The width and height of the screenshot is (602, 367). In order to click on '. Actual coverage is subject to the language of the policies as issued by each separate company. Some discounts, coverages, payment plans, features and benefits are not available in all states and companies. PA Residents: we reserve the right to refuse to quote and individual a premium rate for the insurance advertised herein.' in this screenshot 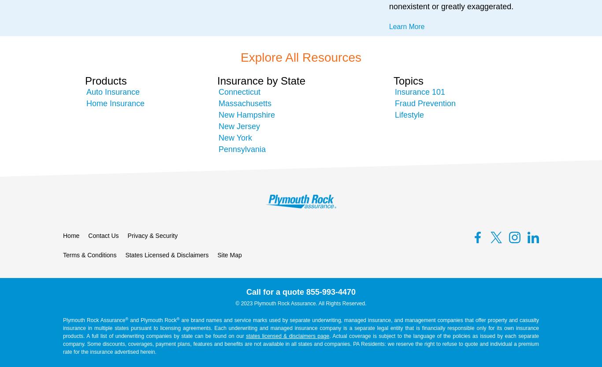, I will do `click(301, 344)`.